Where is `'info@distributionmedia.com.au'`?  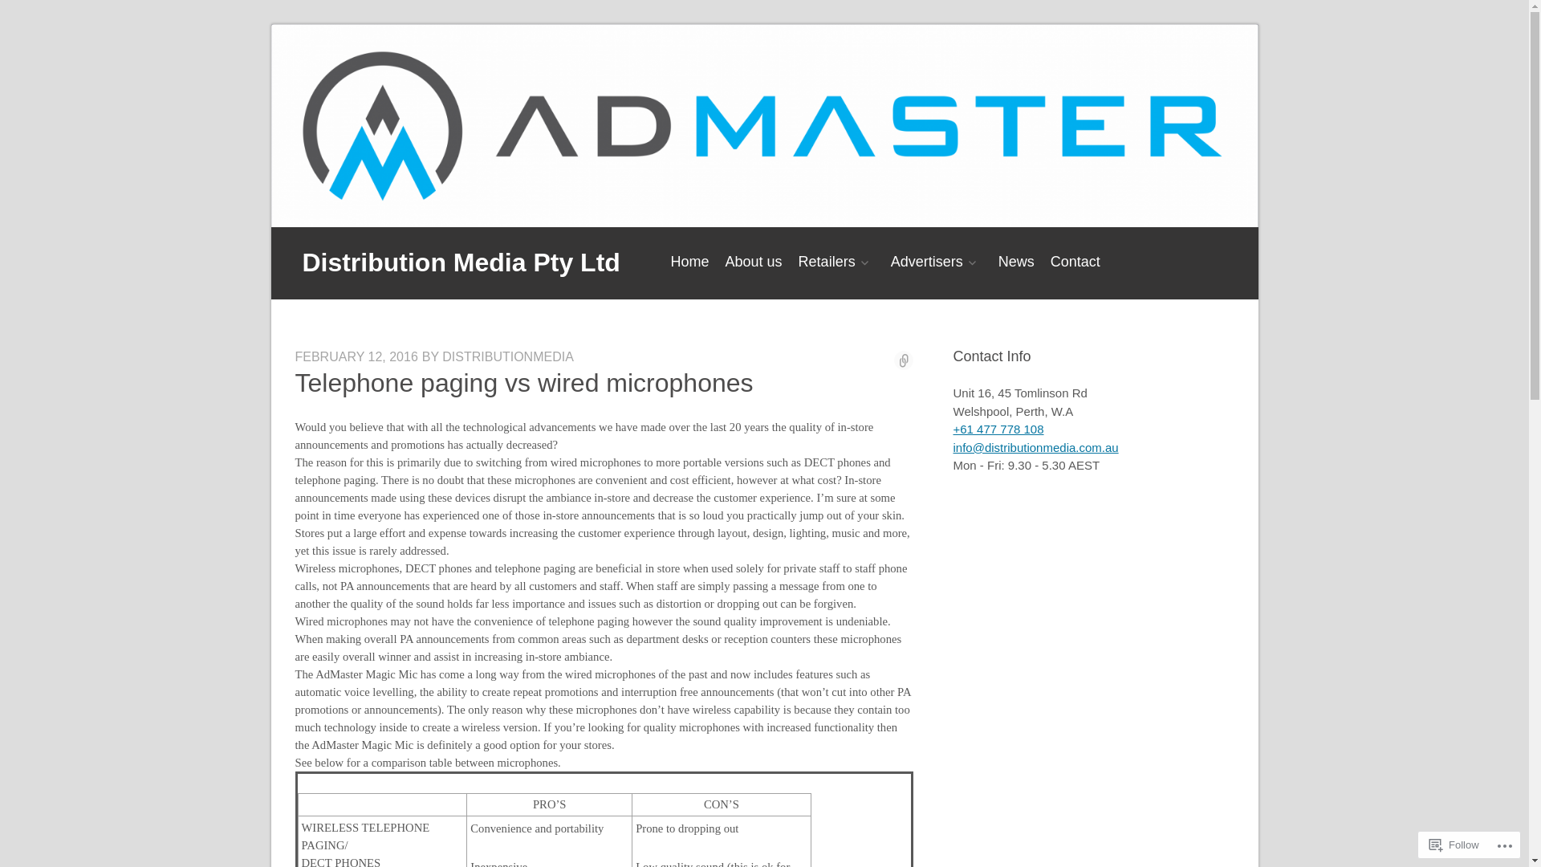
'info@distributionmedia.com.au' is located at coordinates (1036, 447).